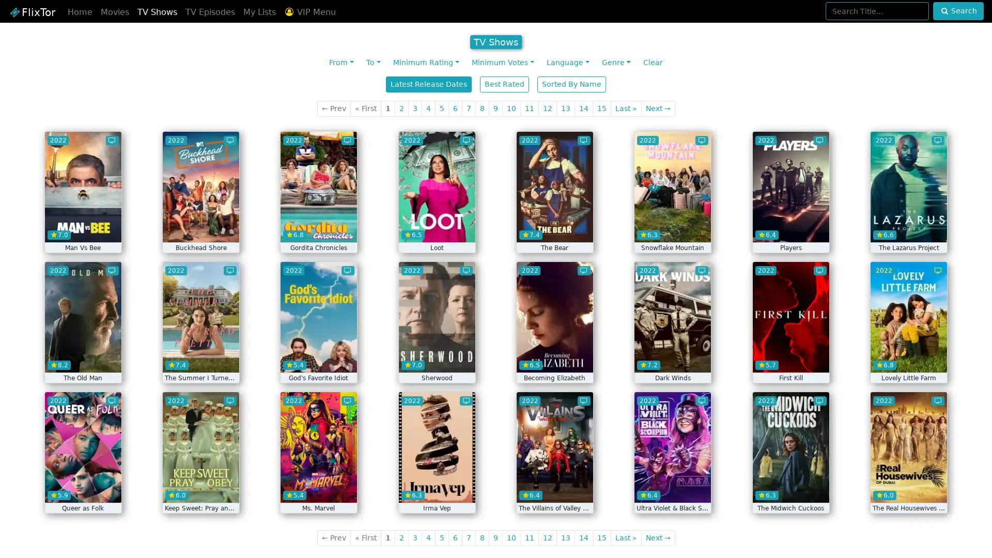  I want to click on Watch Now, so click(82, 357).